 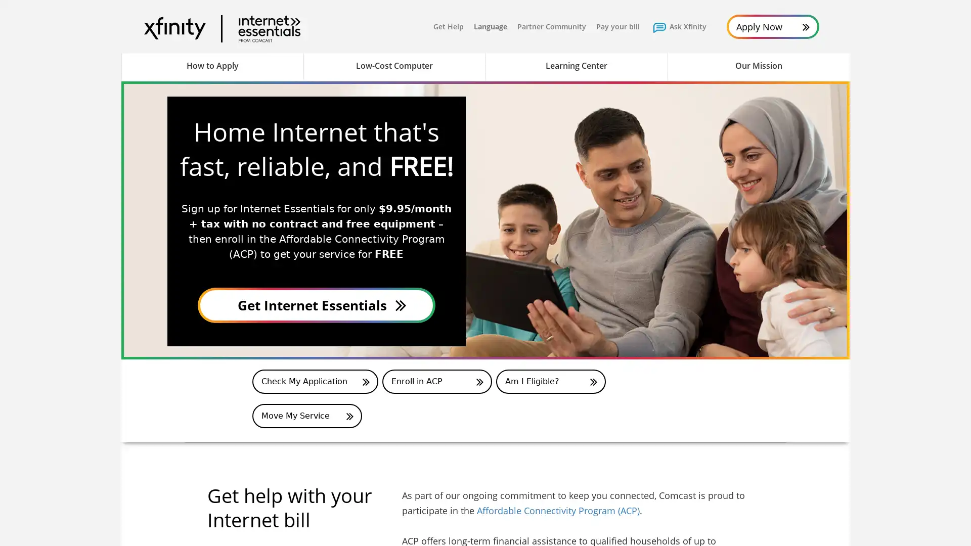 I want to click on Move My Service, so click(x=306, y=416).